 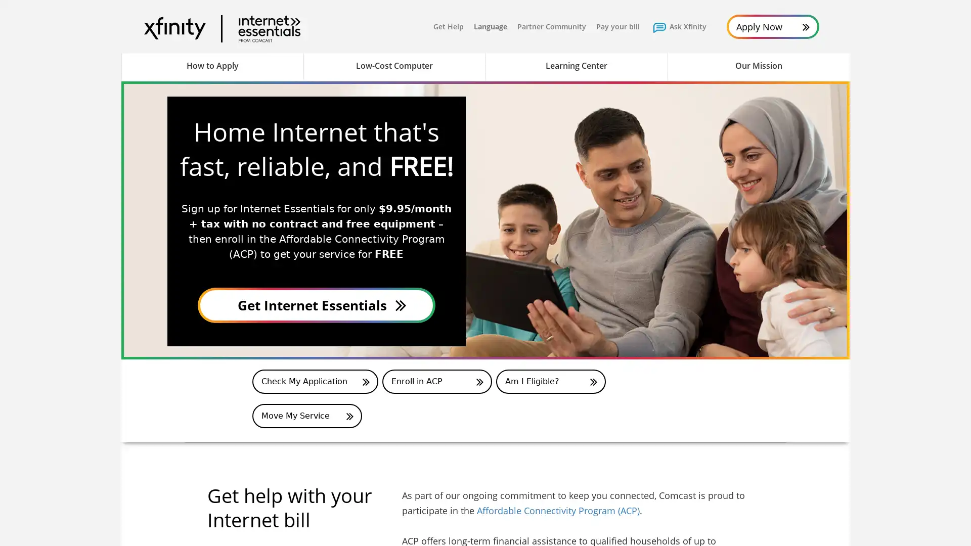 I want to click on Move My Service, so click(x=306, y=416).